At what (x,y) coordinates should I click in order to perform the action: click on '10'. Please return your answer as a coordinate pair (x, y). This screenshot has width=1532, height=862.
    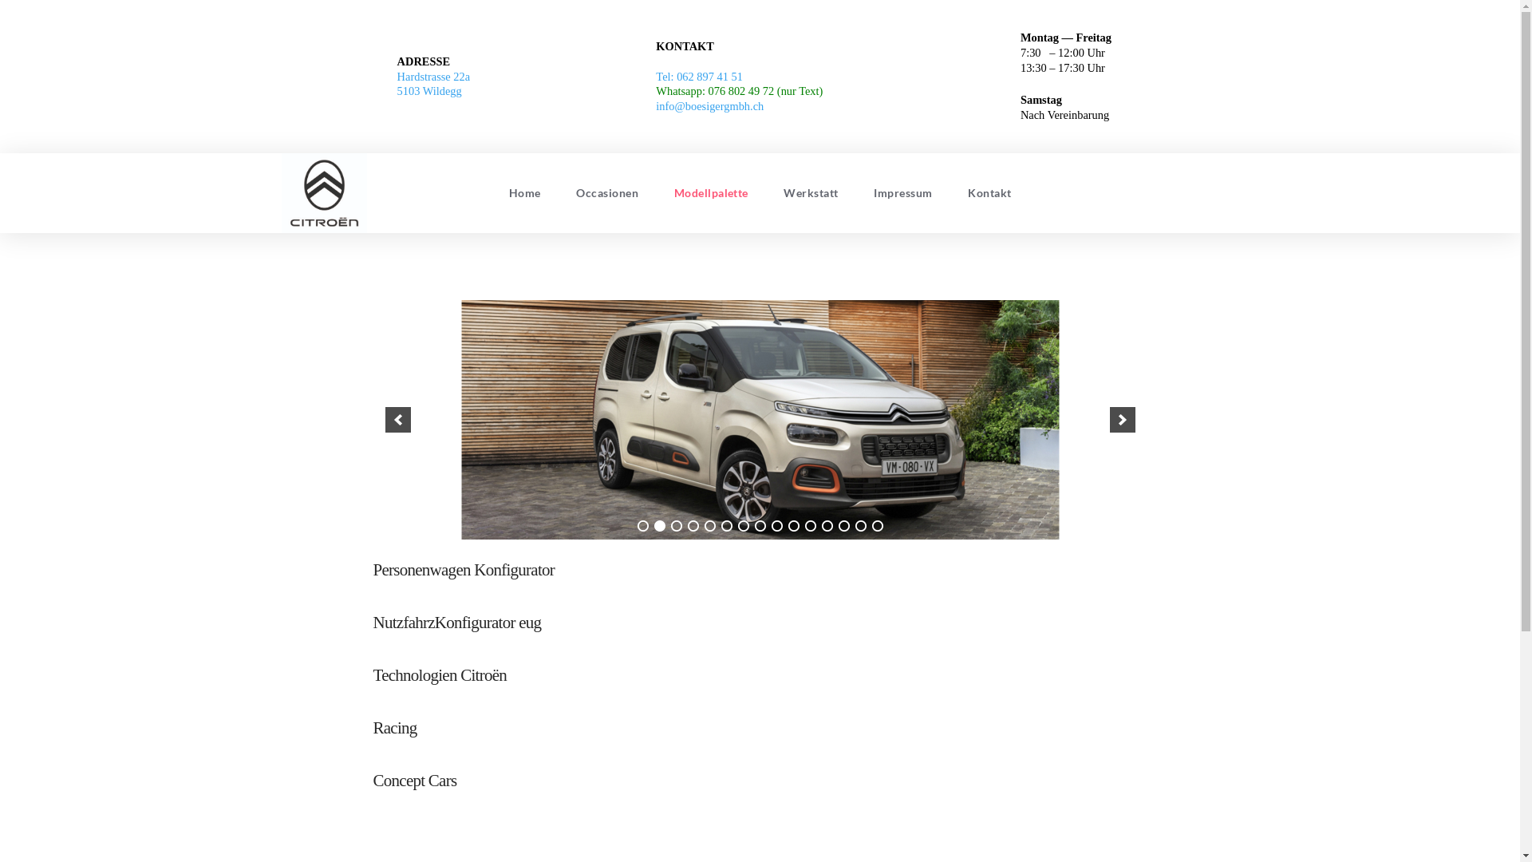
    Looking at the image, I should click on (793, 526).